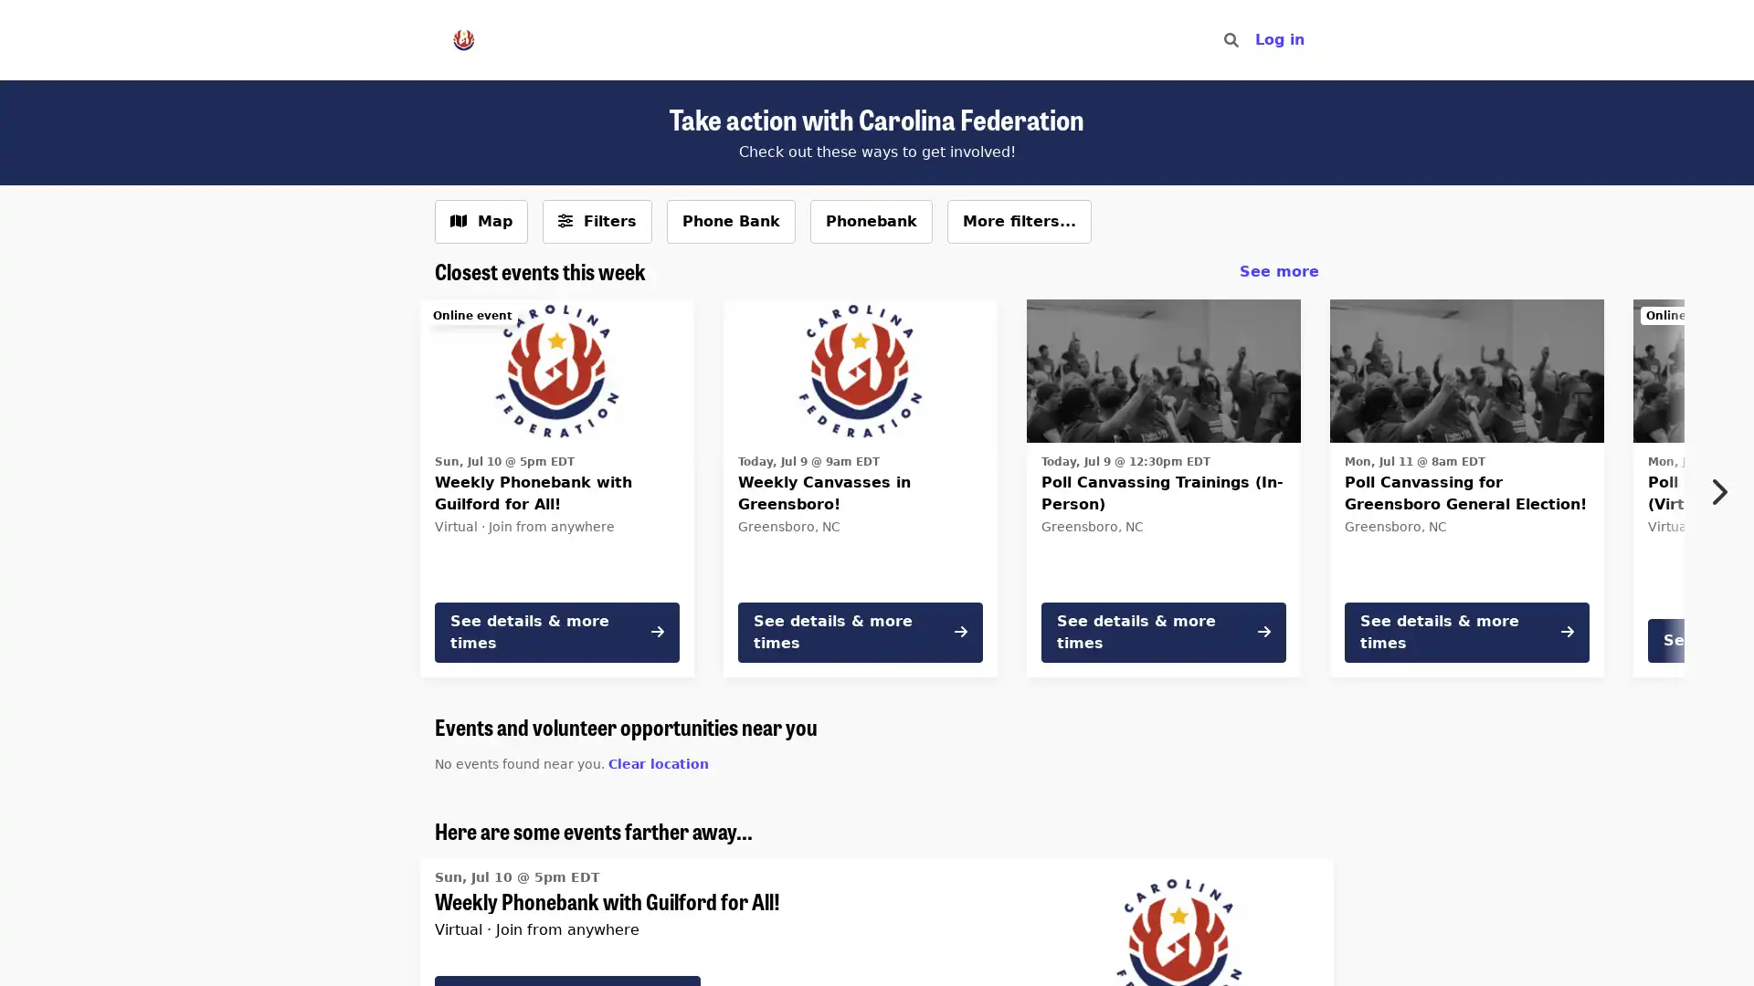 This screenshot has height=986, width=1754. What do you see at coordinates (1019, 221) in the screenshot?
I see `More filters...` at bounding box center [1019, 221].